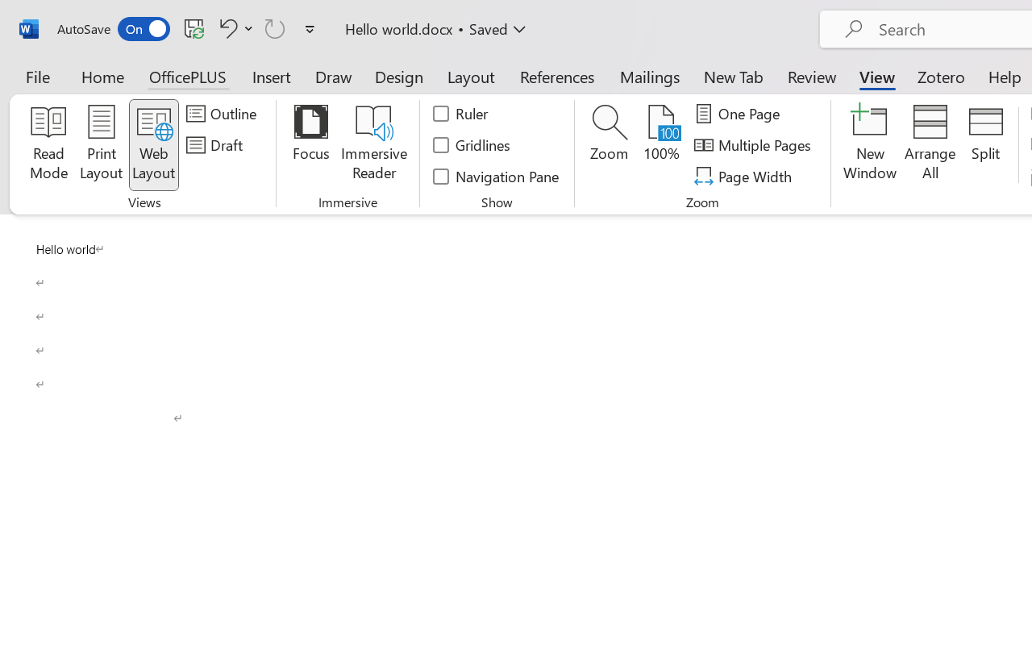 This screenshot has width=1032, height=645. Describe the element at coordinates (189, 28) in the screenshot. I see `'Quick Access Toolbar'` at that location.